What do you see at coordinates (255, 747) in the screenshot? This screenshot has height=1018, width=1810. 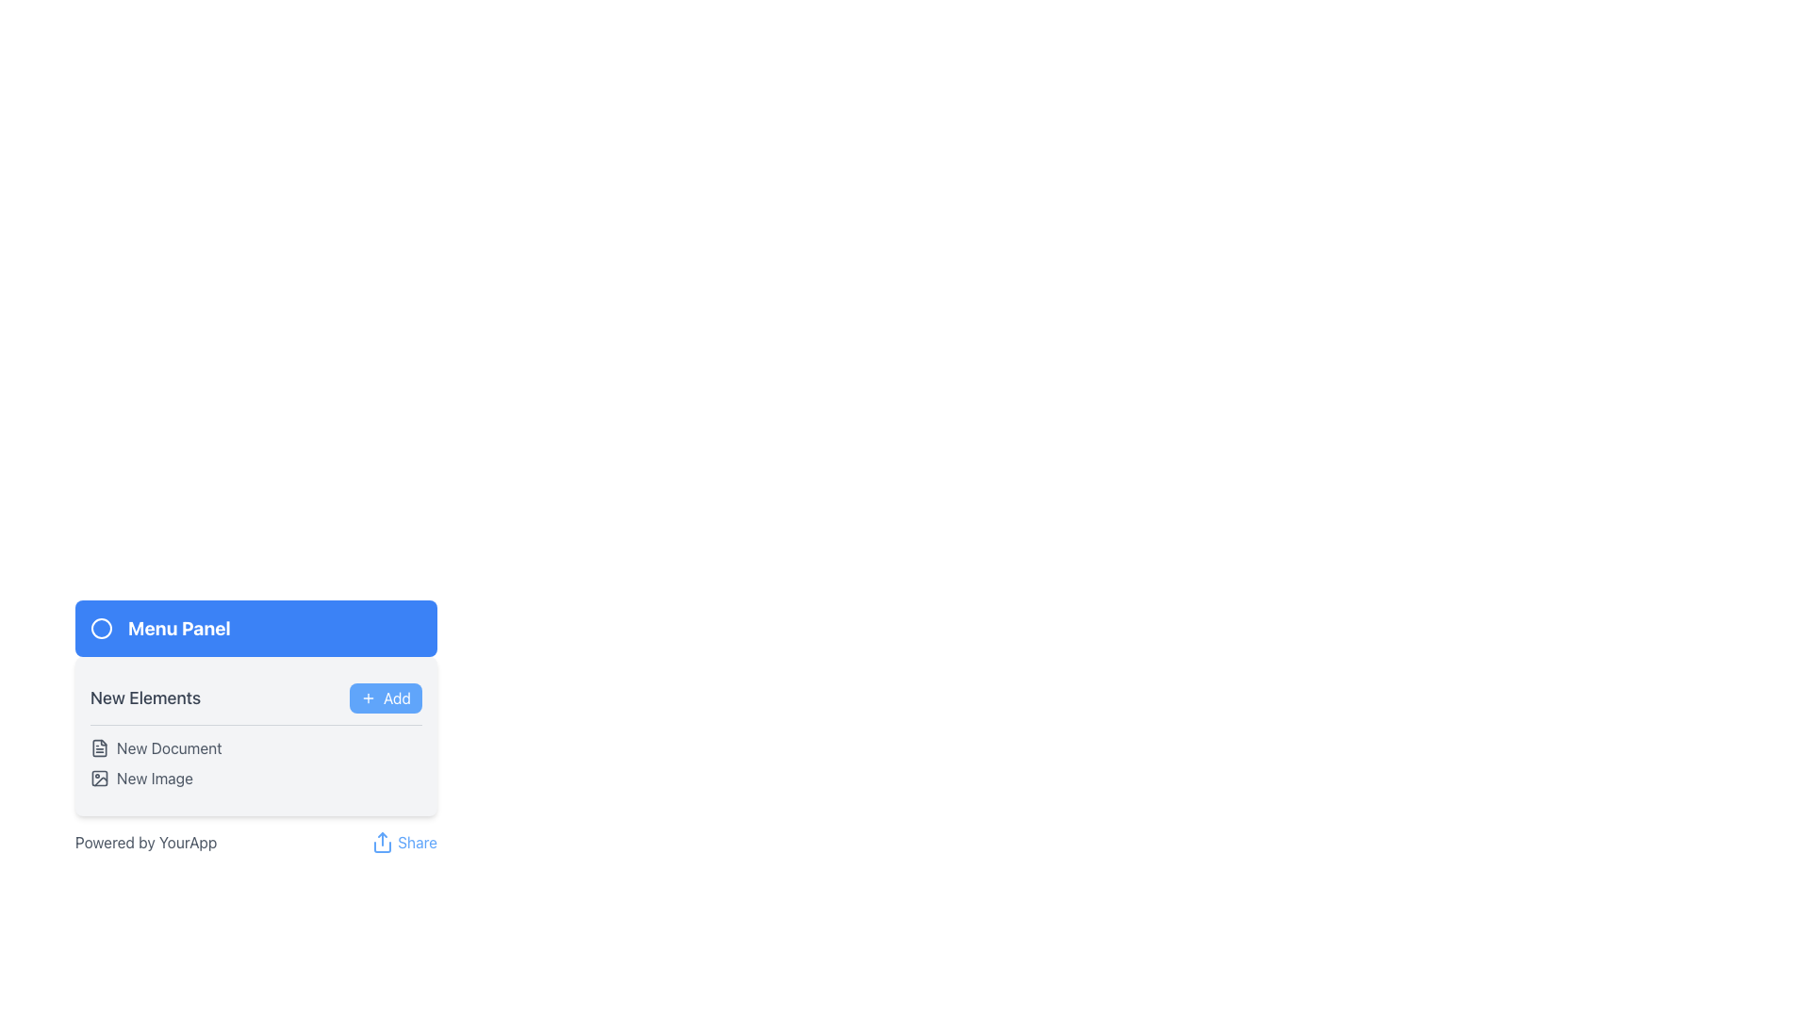 I see `the 'New Document' button, which is the first item in the vertical list under 'New Elements'` at bounding box center [255, 747].